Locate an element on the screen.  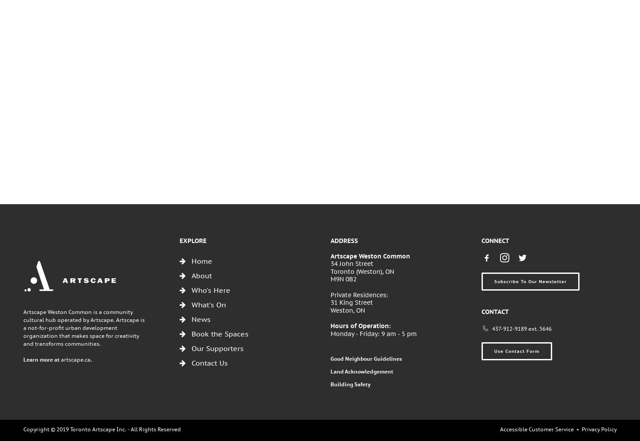
'News' is located at coordinates (200, 318).